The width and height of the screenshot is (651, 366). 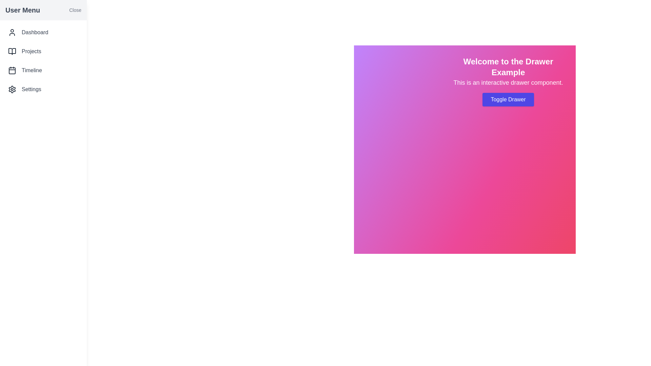 I want to click on the 'Toggle Drawer' button to toggle the drawer's state, so click(x=508, y=99).